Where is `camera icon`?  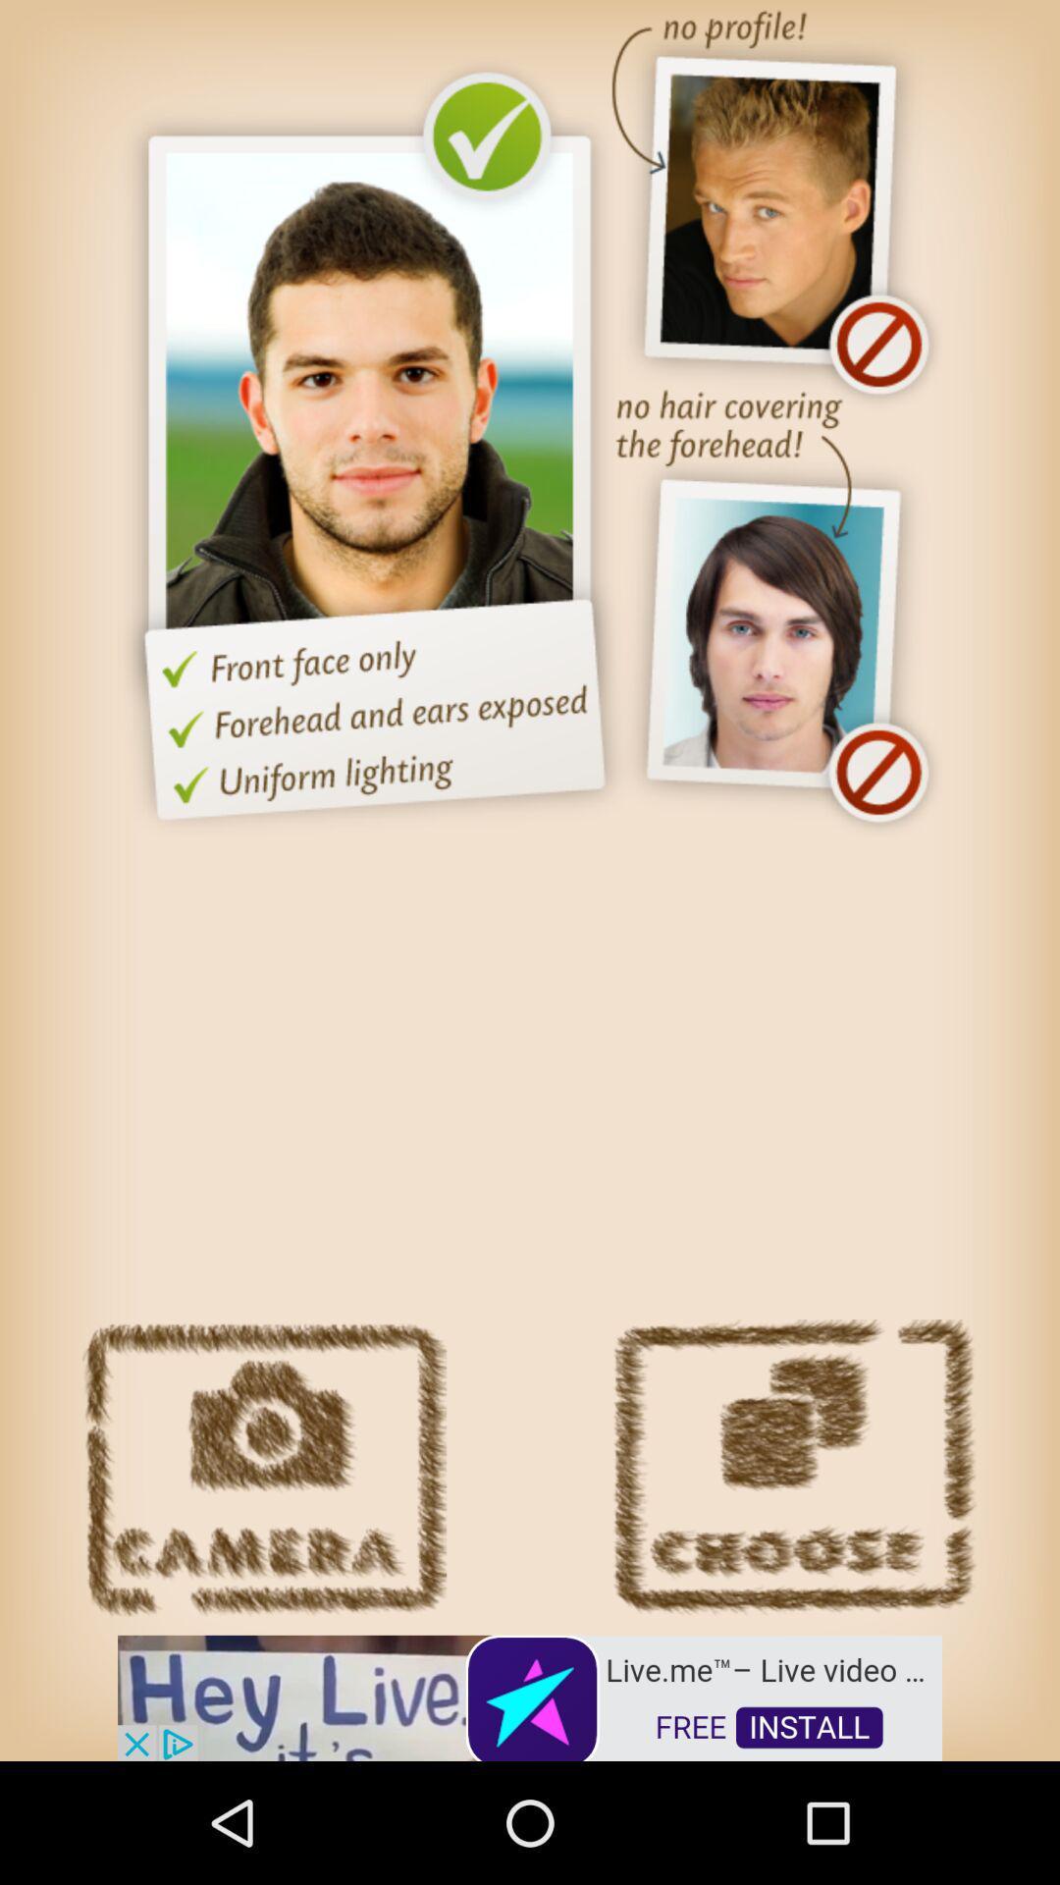 camera icon is located at coordinates (263, 1468).